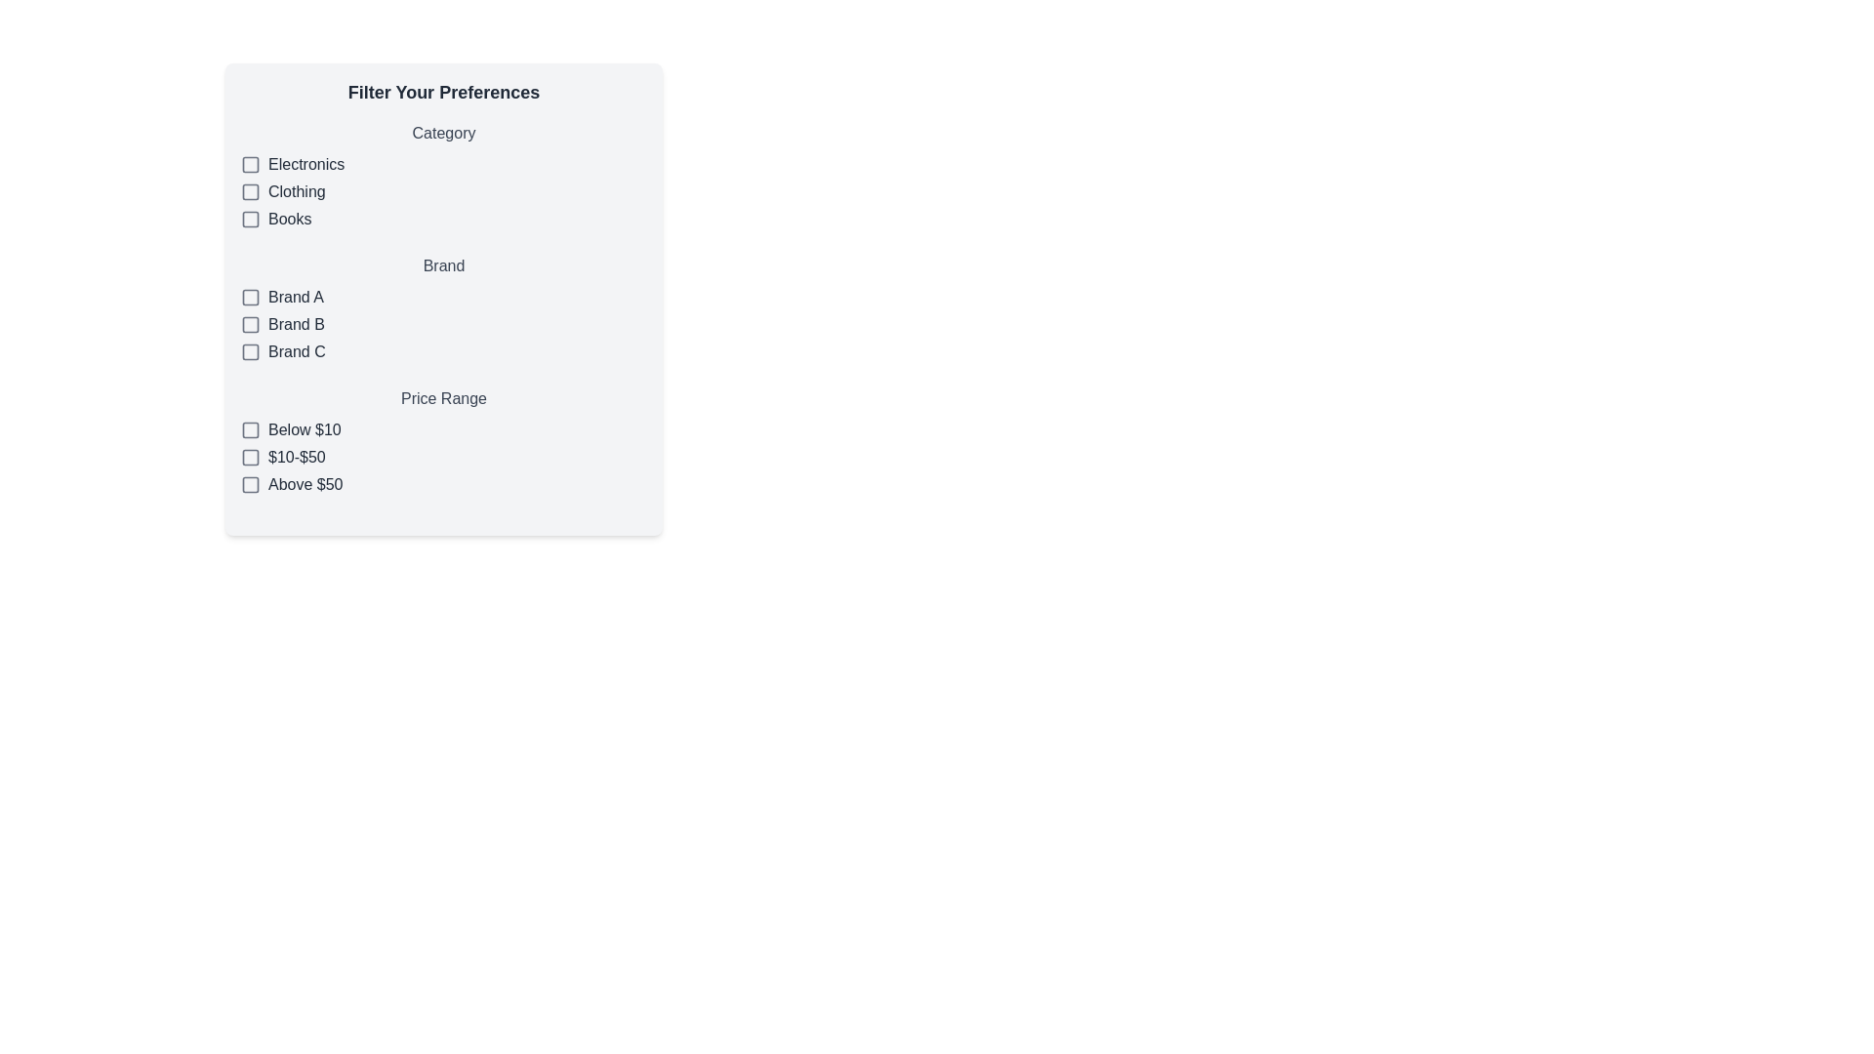 The height and width of the screenshot is (1054, 1874). Describe the element at coordinates (295, 323) in the screenshot. I see `the checkbox associated with the 'Brand B' label, which is the second option under the 'Brand' section, located to the left of the label` at that location.